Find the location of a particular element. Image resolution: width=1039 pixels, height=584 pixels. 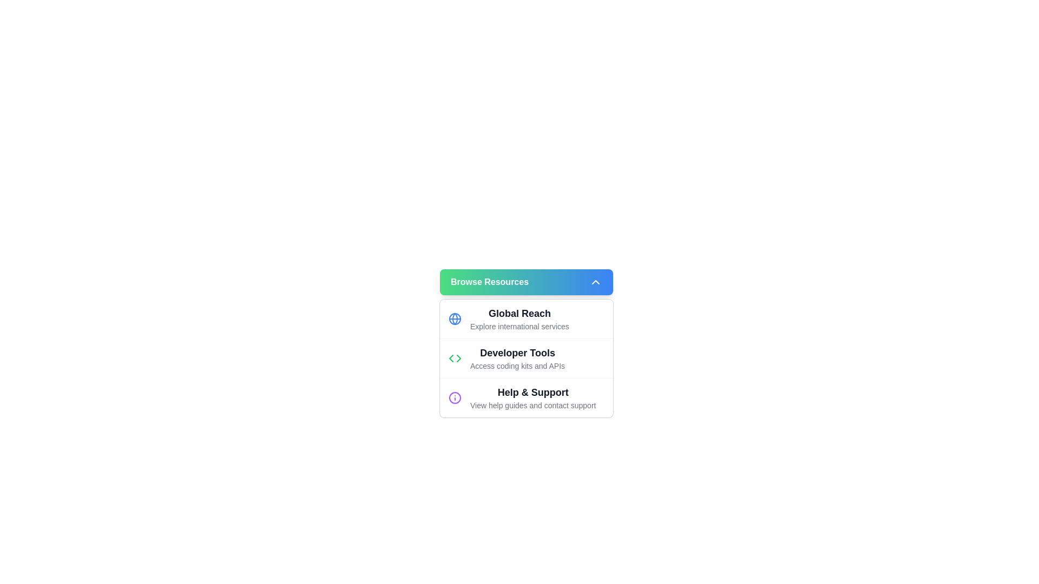

the expandable/collapsible icon is located at coordinates (595, 281).